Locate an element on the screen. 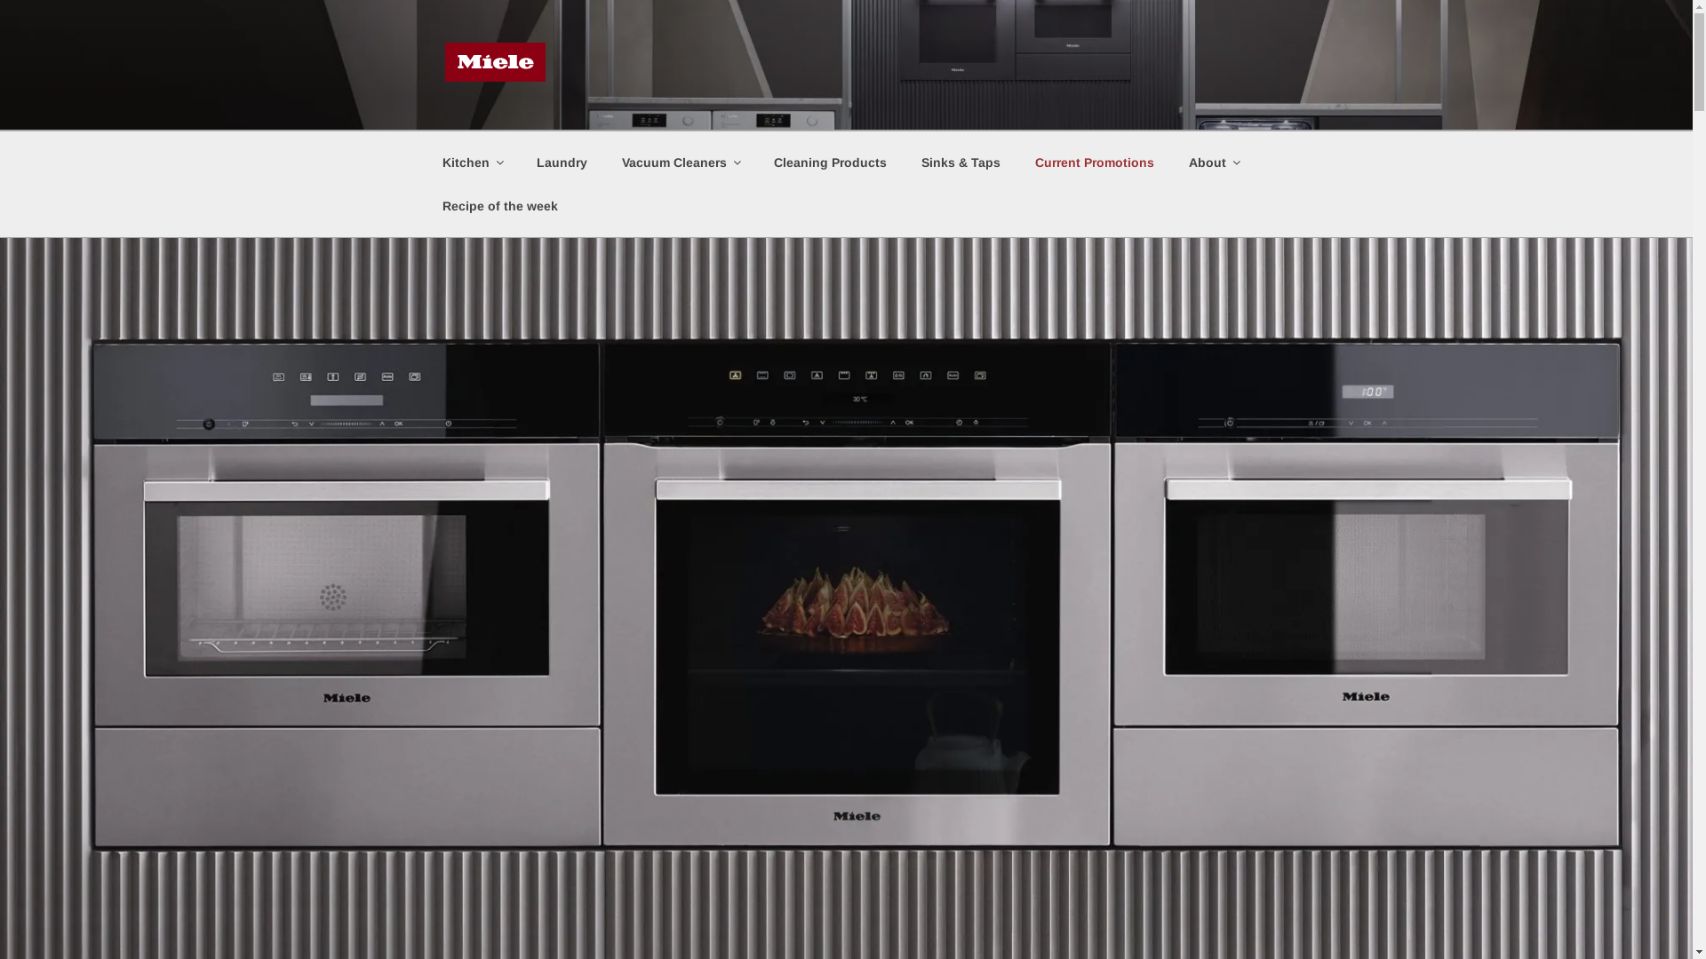  'Cleaning Products' is located at coordinates (759, 162).